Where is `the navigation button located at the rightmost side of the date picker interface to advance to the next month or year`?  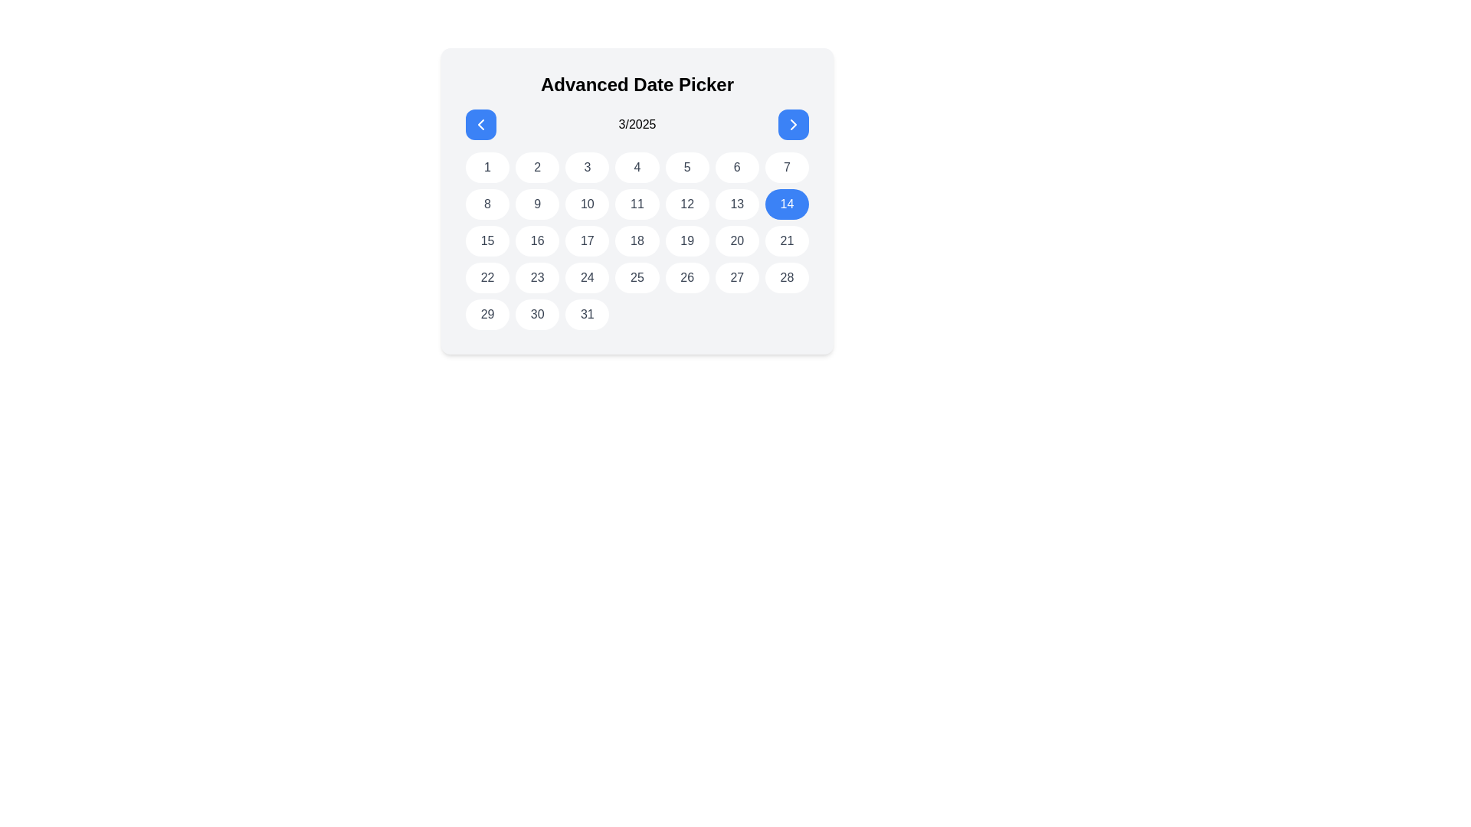 the navigation button located at the rightmost side of the date picker interface to advance to the next month or year is located at coordinates (794, 123).